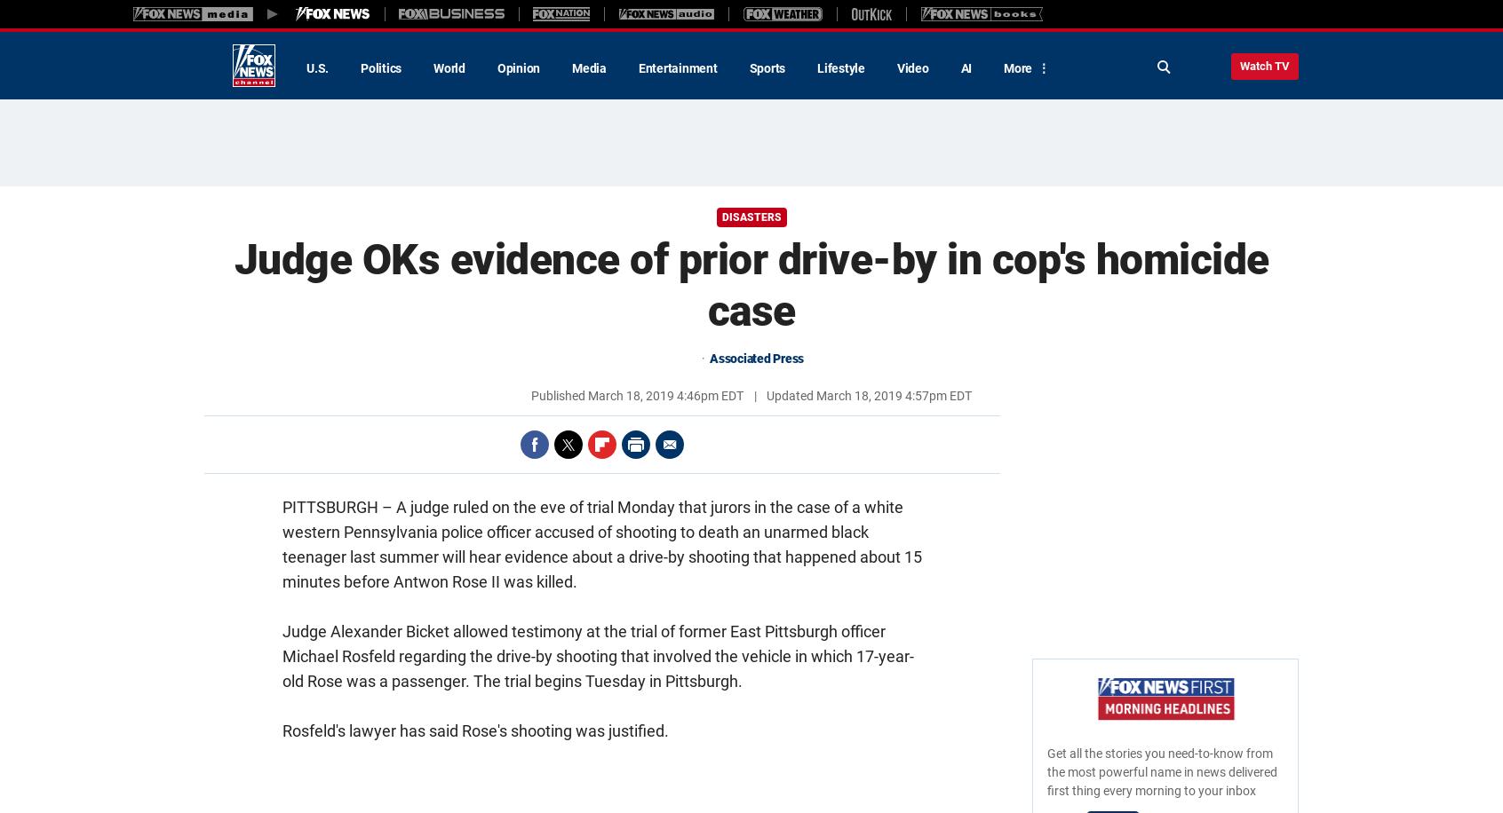 This screenshot has width=1503, height=813. I want to click on 'March 18, 2019 4:57pm EDT', so click(893, 395).